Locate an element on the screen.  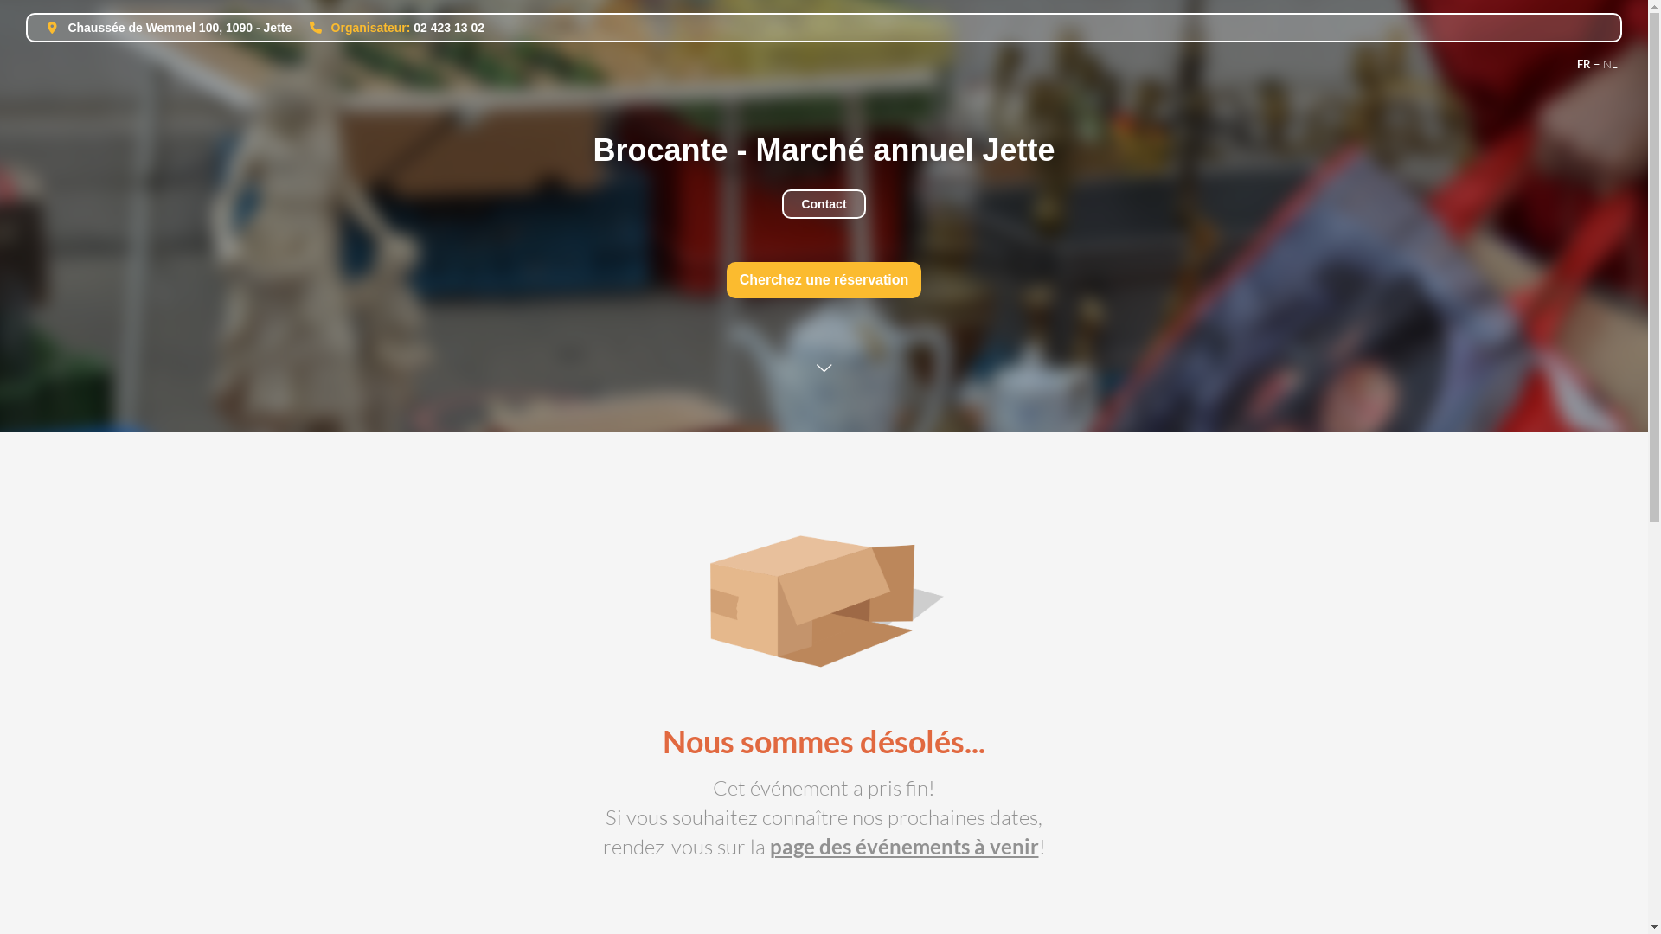
'Organisateur: 02 423 13 02' is located at coordinates (388, 27).